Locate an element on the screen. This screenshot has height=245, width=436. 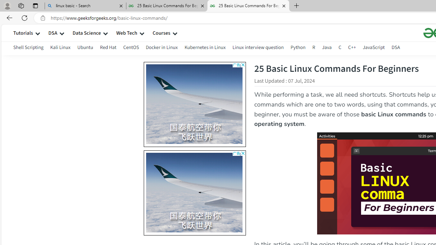
'Kubernetes in Linux' is located at coordinates (205, 48).